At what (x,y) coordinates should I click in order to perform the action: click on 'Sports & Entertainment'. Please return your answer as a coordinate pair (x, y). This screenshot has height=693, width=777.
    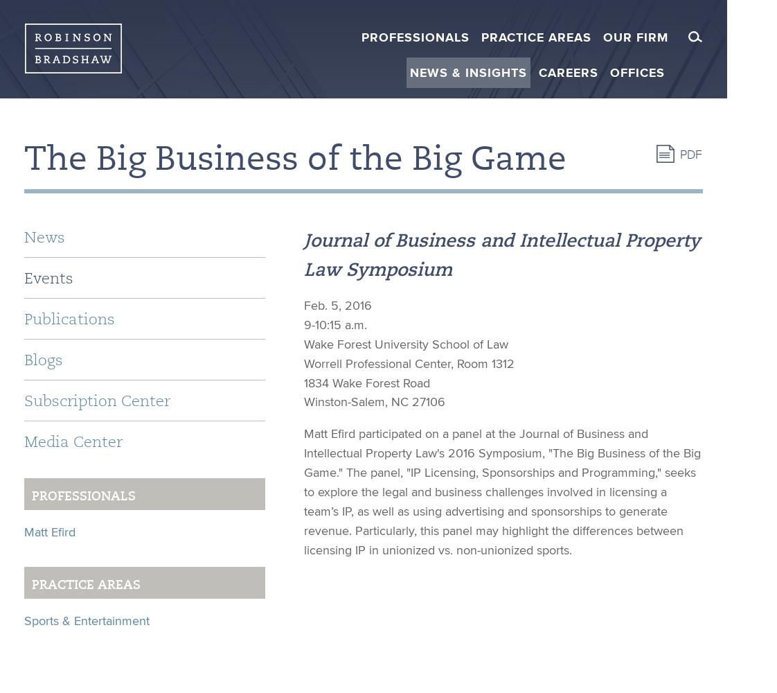
    Looking at the image, I should click on (86, 620).